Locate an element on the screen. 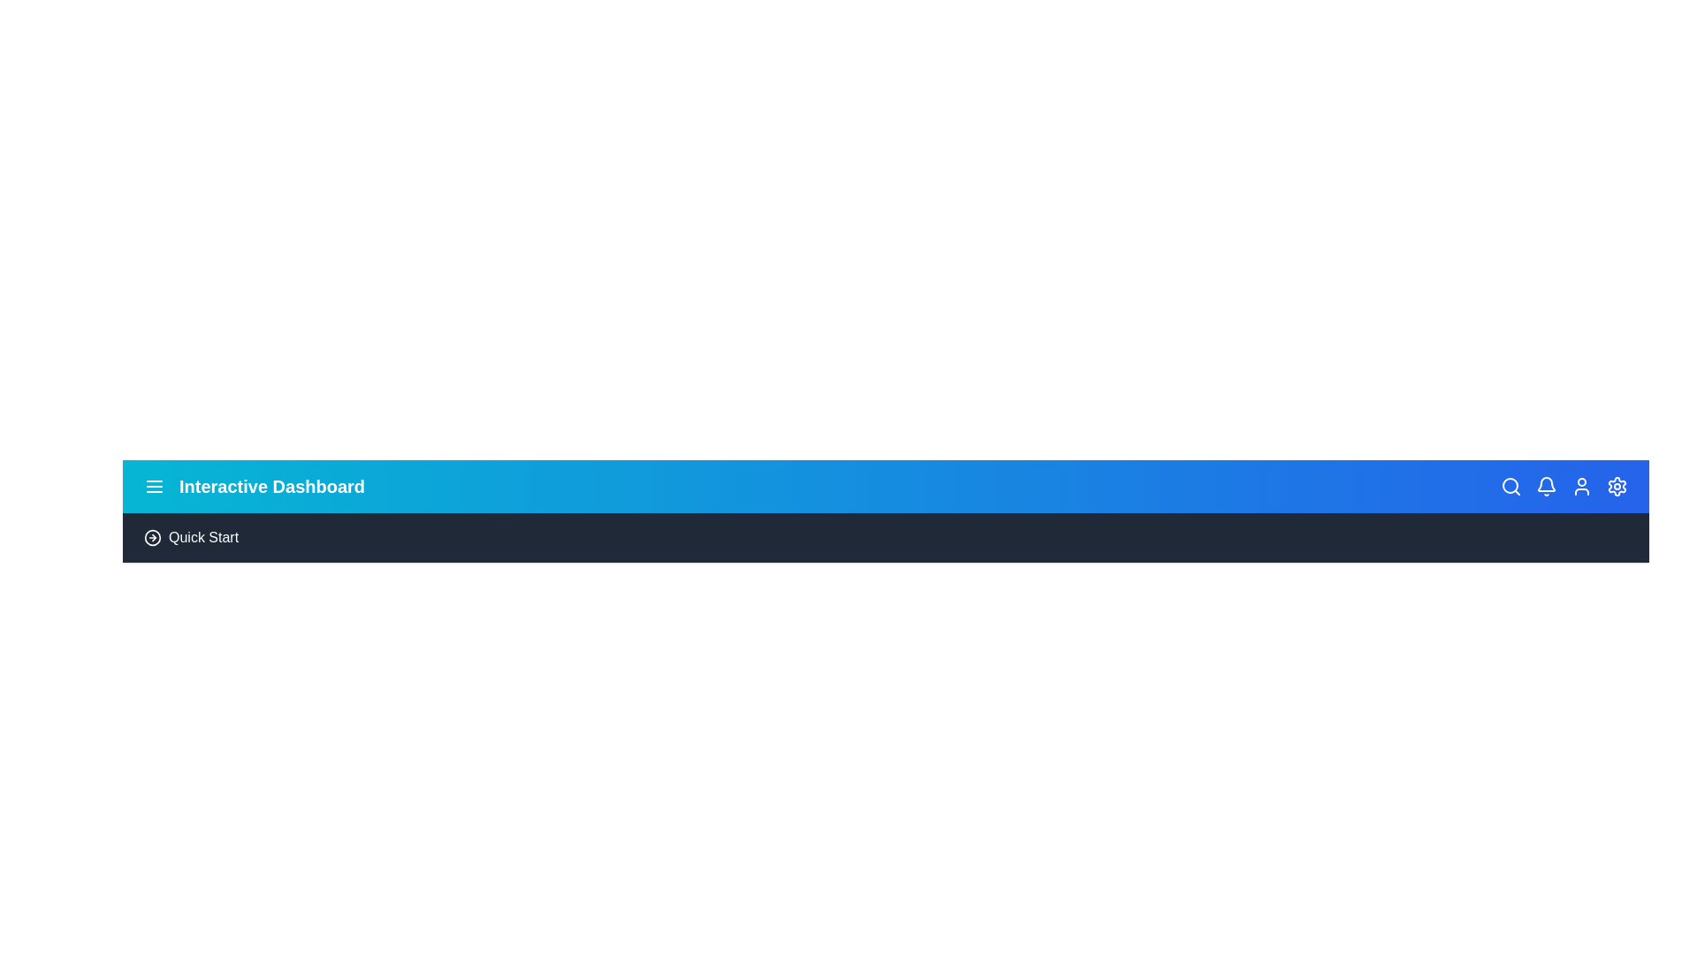 The height and width of the screenshot is (954, 1697). the user icon to access user-related features is located at coordinates (1582, 487).